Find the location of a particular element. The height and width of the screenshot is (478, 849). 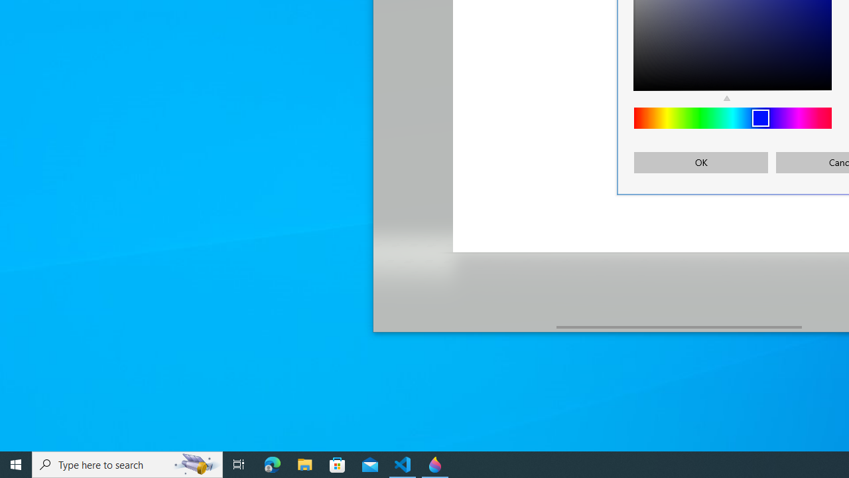

'File Explorer' is located at coordinates (304, 463).